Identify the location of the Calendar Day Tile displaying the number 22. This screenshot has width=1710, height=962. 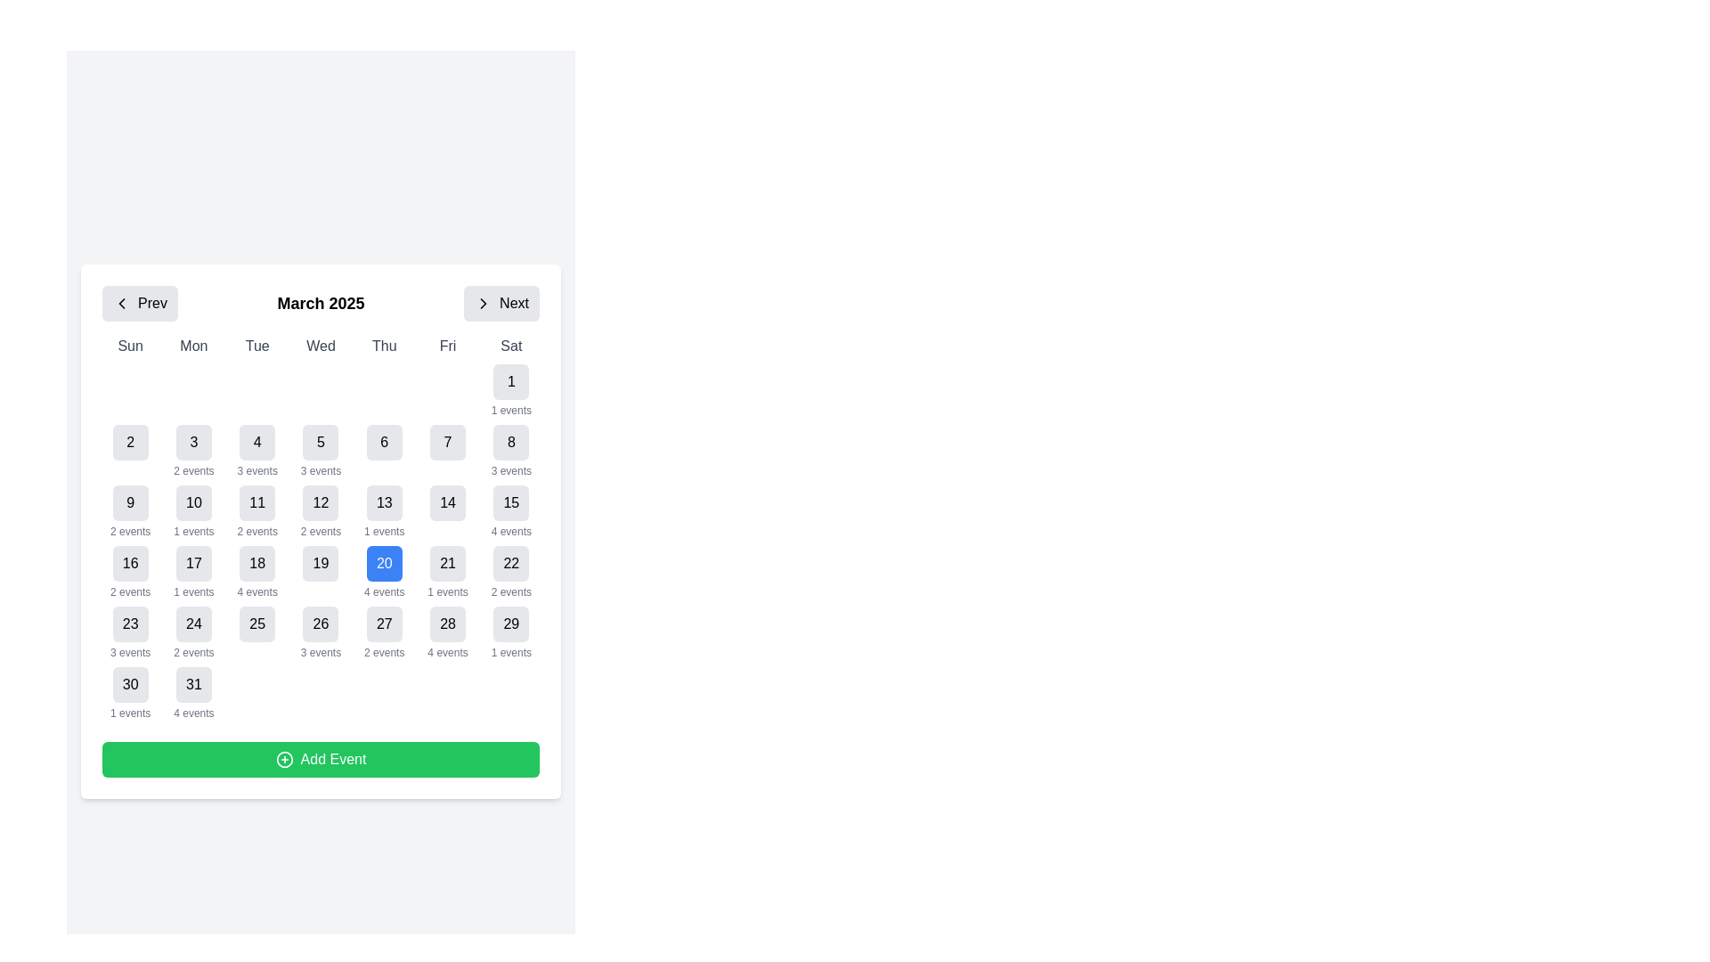
(510, 573).